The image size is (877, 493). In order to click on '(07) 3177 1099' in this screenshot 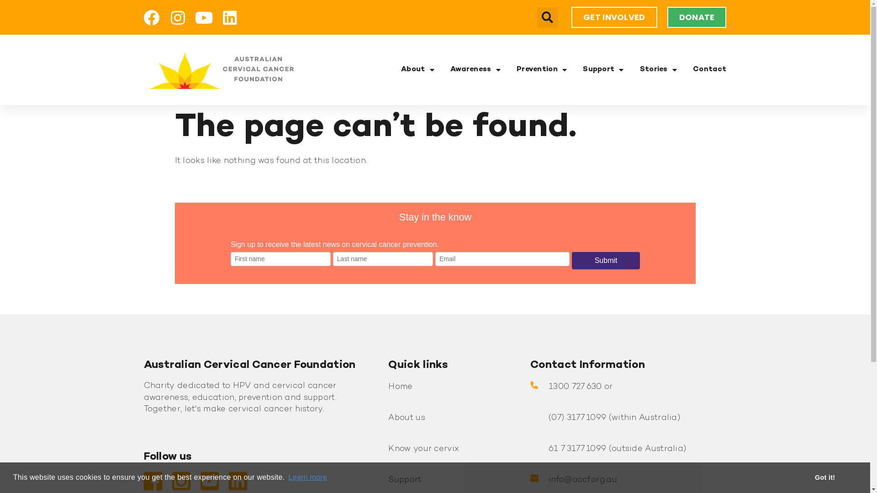, I will do `click(576, 418)`.